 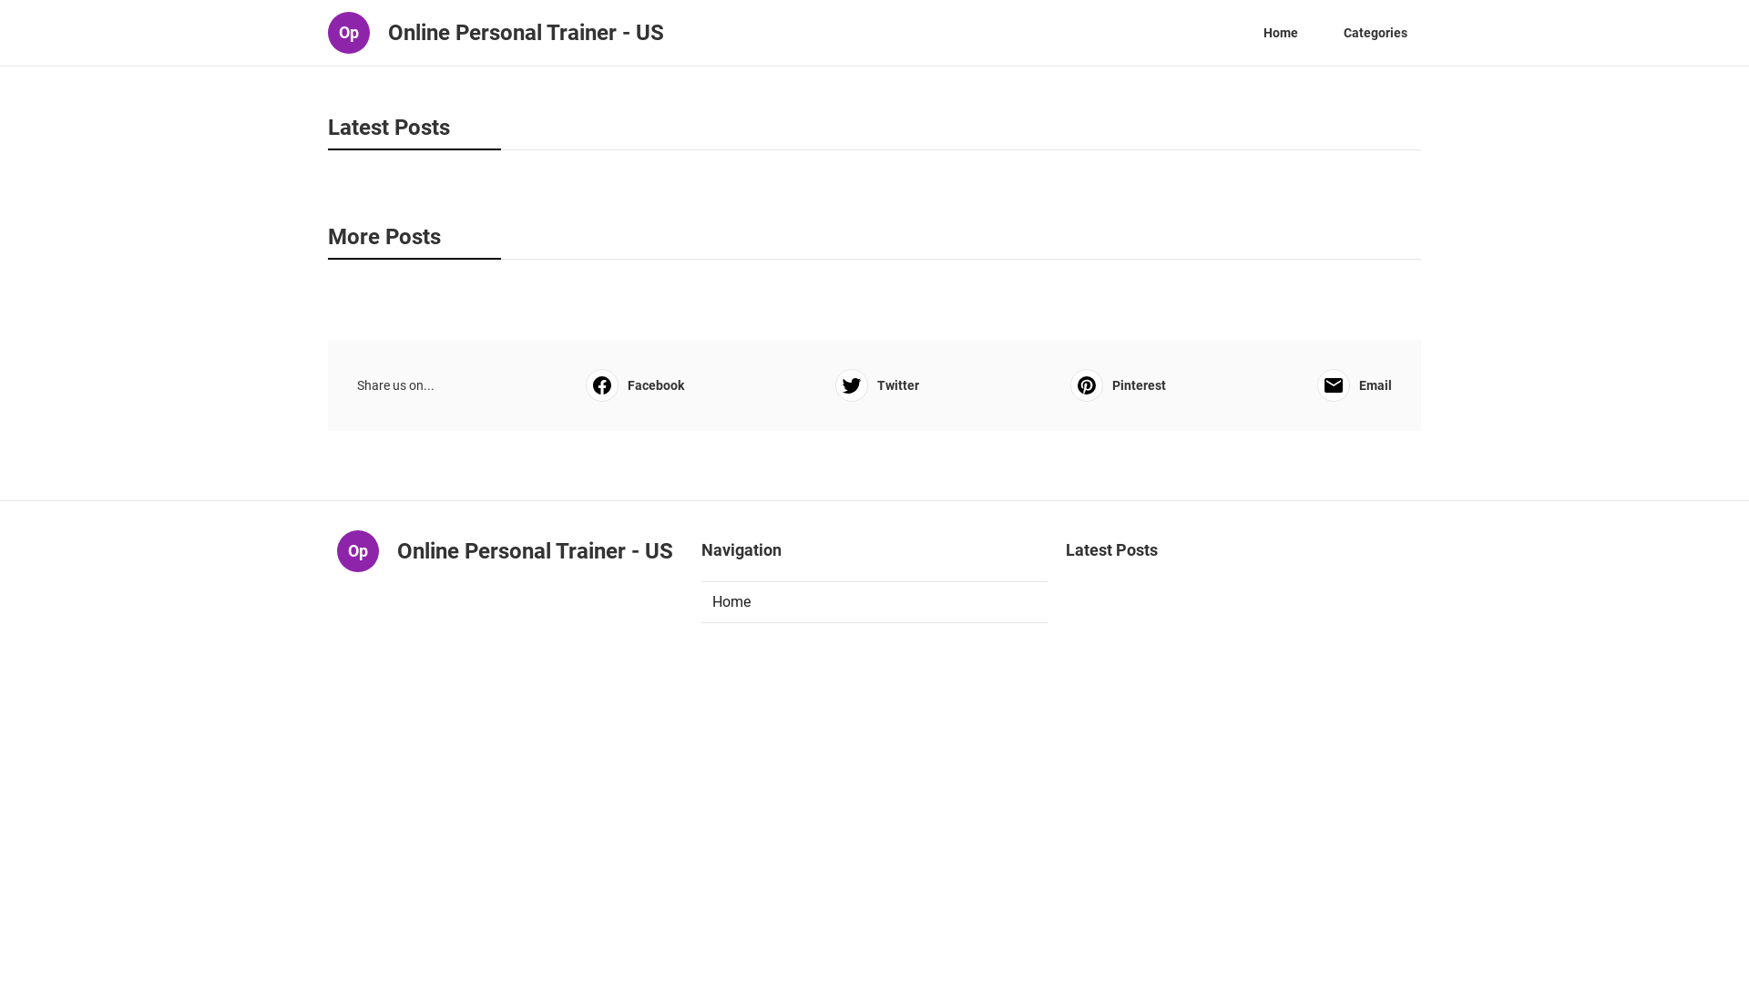 What do you see at coordinates (1316, 384) in the screenshot?
I see `'Email'` at bounding box center [1316, 384].